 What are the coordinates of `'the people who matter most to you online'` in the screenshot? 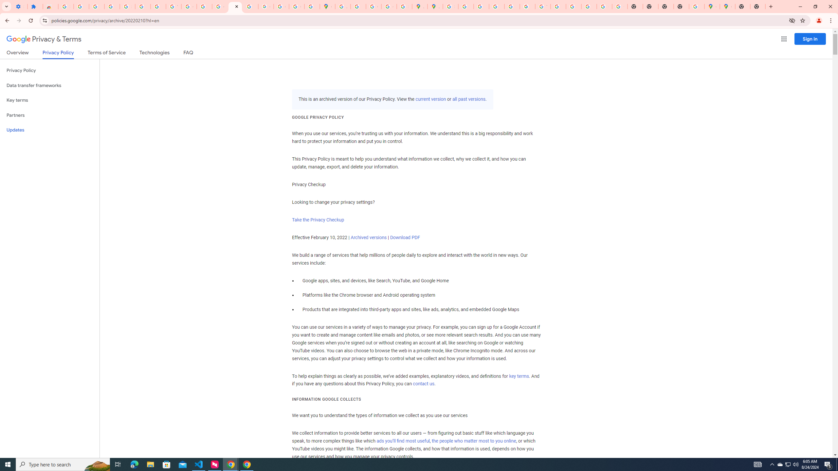 It's located at (474, 441).